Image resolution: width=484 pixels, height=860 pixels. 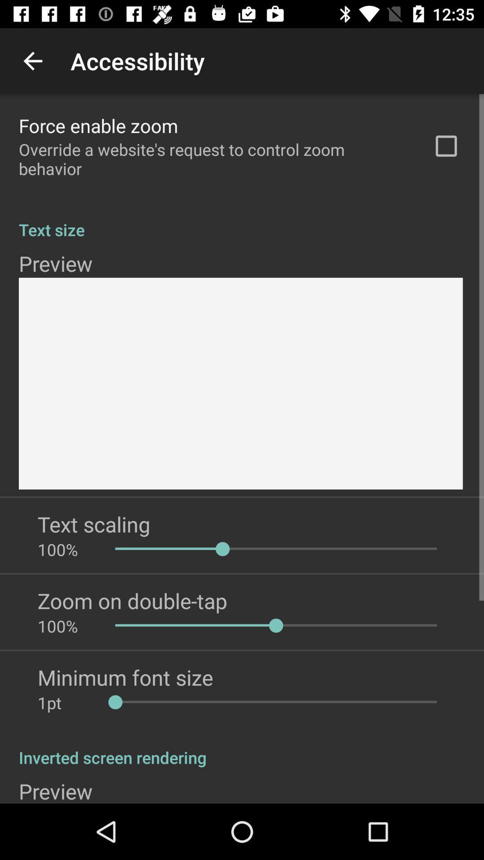 What do you see at coordinates (446, 146) in the screenshot?
I see `icon above the text size app` at bounding box center [446, 146].